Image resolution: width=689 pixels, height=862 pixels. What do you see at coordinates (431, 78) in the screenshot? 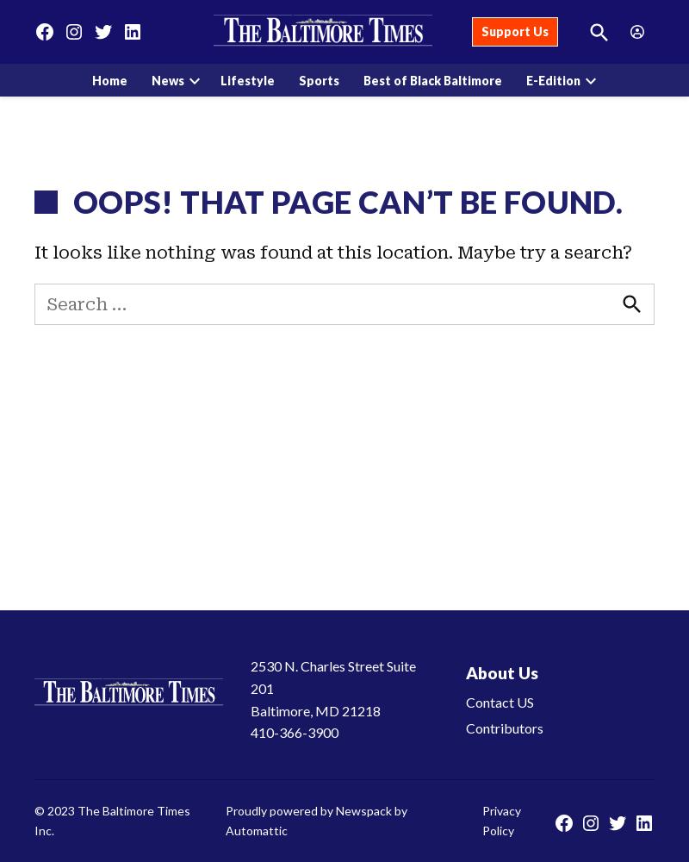
I see `'Best of Black Baltimore'` at bounding box center [431, 78].